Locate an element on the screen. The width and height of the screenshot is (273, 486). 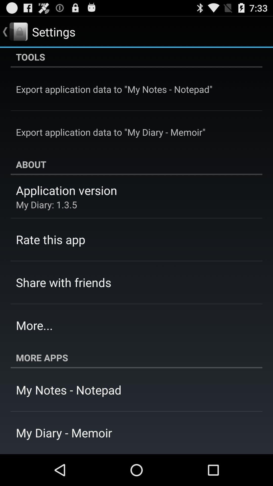
the icon above my notes - notepad app is located at coordinates (136, 357).